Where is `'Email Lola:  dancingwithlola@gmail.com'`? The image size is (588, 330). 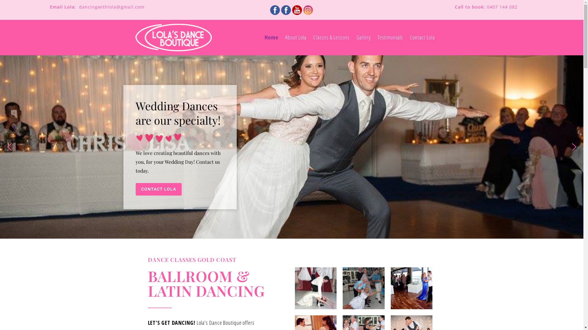
'Email Lola:  dancingwithlola@gmail.com' is located at coordinates (97, 7).